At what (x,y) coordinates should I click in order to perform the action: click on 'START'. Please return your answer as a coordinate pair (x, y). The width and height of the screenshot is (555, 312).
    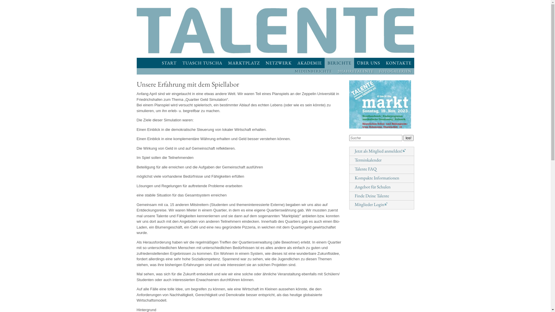
    Looking at the image, I should click on (169, 63).